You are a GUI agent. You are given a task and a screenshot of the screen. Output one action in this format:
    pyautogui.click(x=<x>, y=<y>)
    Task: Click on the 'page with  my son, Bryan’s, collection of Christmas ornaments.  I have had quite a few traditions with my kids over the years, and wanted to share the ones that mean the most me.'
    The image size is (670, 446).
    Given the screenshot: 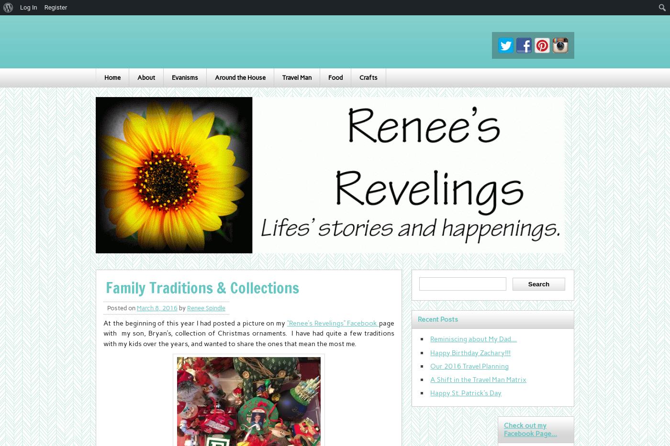 What is the action you would take?
    pyautogui.click(x=248, y=333)
    